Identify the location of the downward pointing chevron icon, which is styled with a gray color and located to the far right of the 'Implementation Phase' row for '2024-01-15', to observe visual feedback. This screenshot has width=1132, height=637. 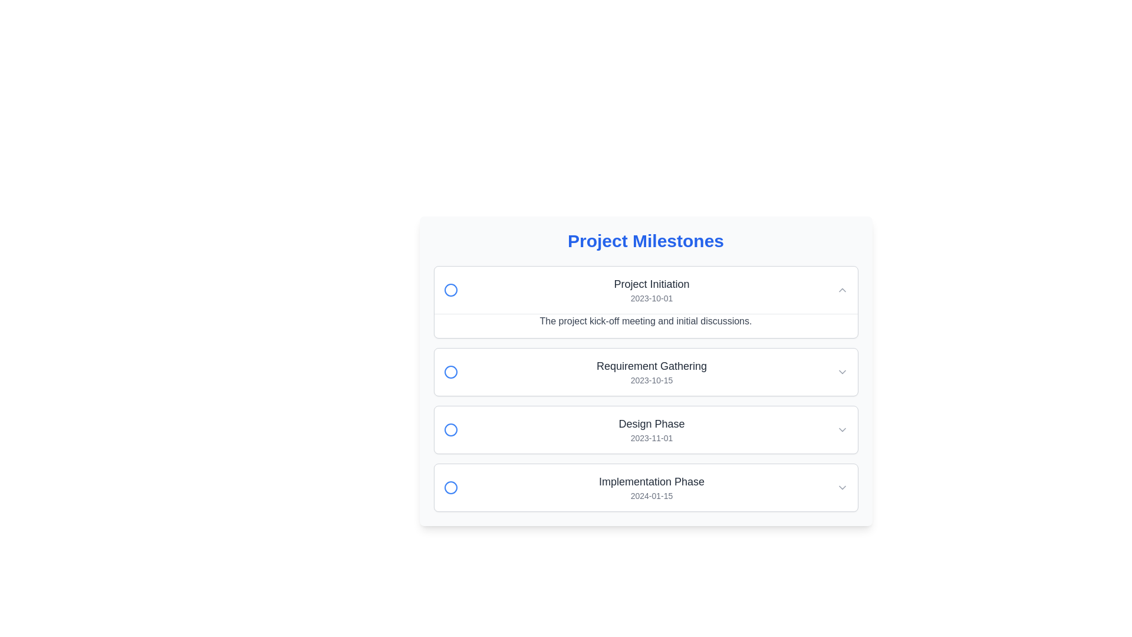
(841, 487).